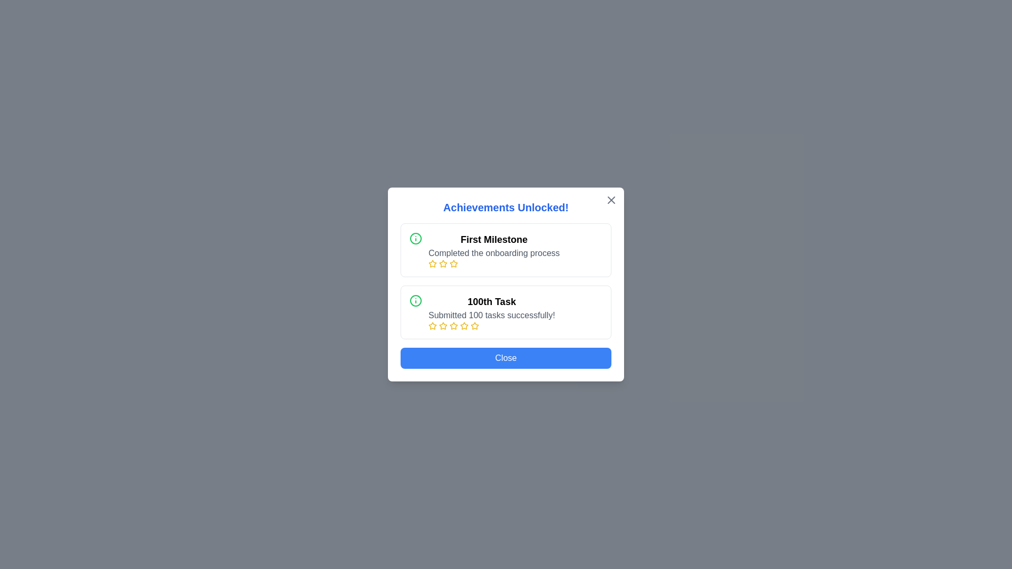 The height and width of the screenshot is (569, 1012). Describe the element at coordinates (415, 238) in the screenshot. I see `the SVG graphical component that visually conveys the 'information' about the '100th Task' milestone achievement, which is part of the icon indicating the type of milestone` at that location.